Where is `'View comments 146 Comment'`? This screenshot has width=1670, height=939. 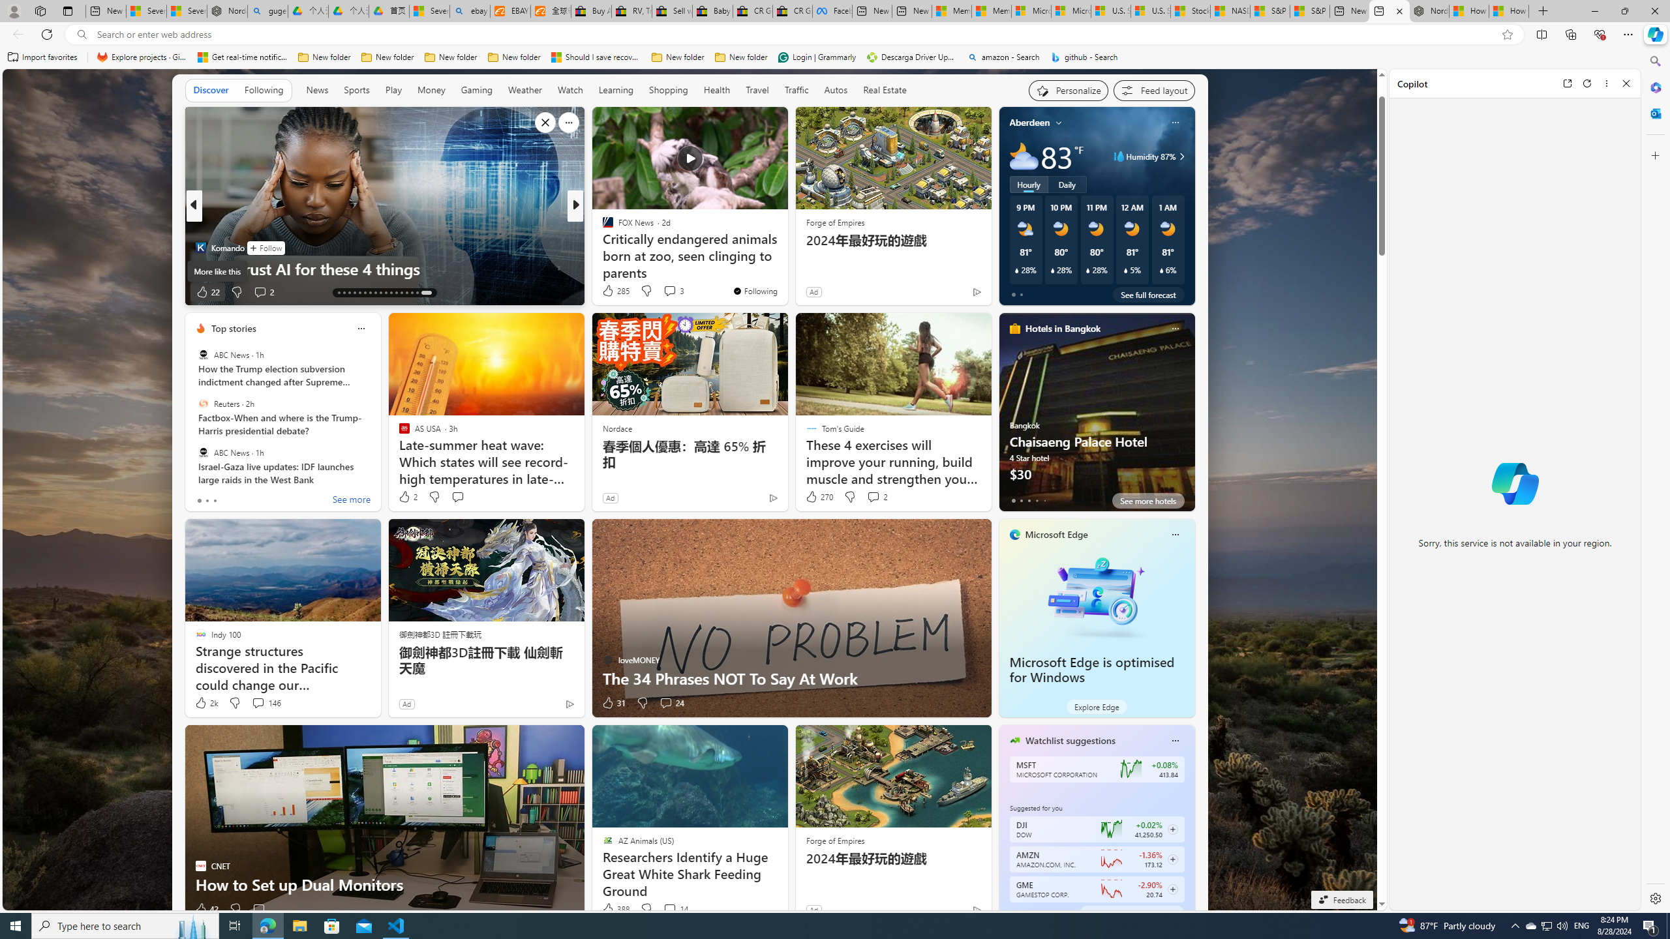
'View comments 146 Comment' is located at coordinates (266, 702).